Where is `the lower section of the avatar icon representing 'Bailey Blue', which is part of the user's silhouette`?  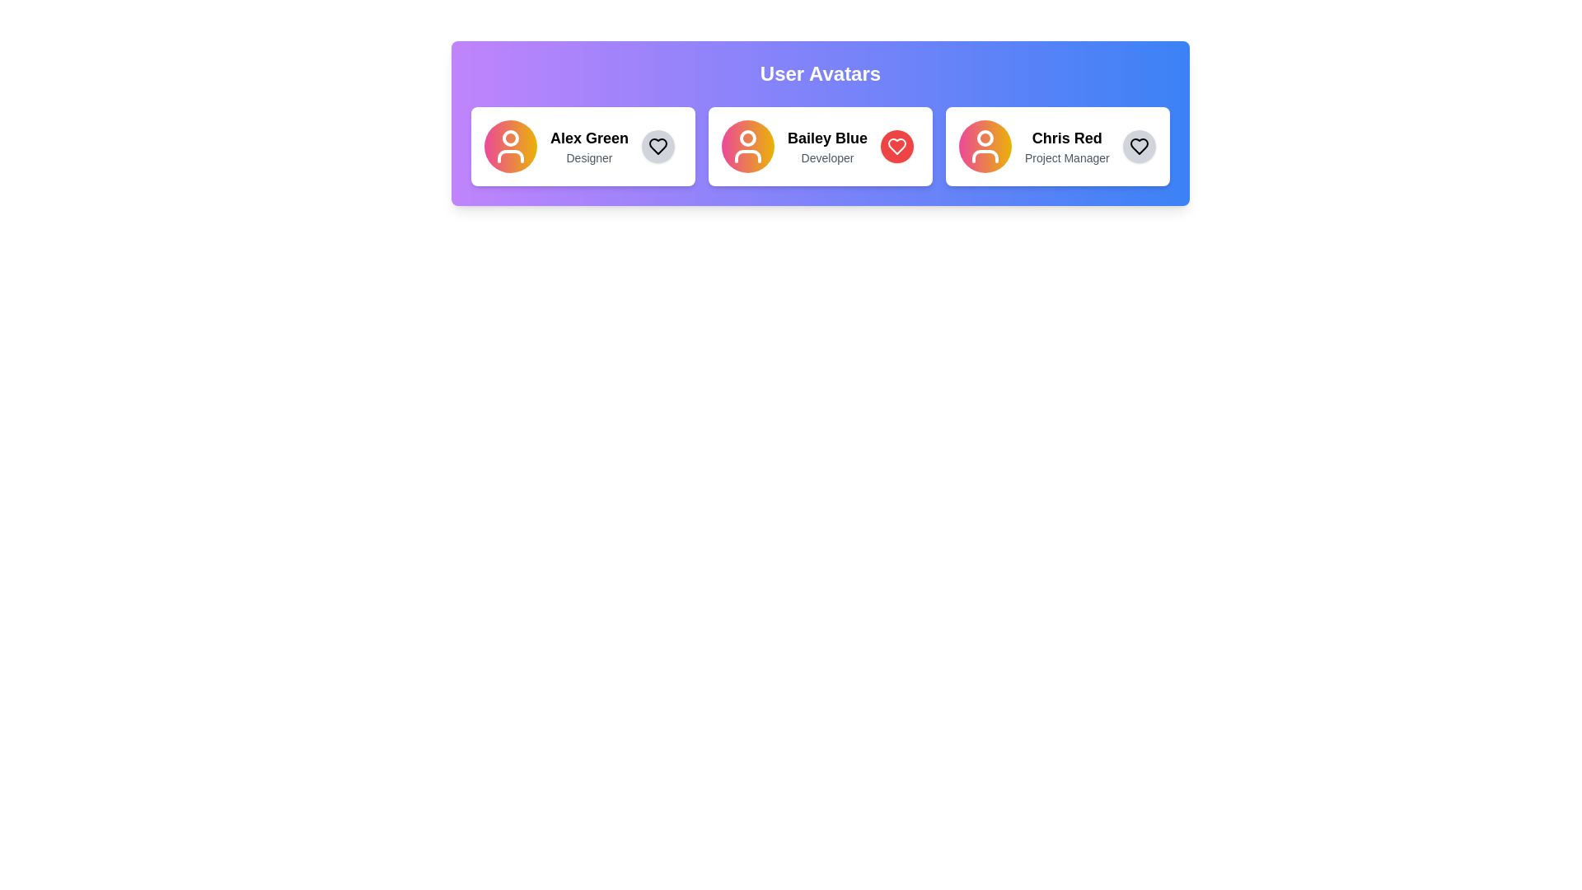
the lower section of the avatar icon representing 'Bailey Blue', which is part of the user's silhouette is located at coordinates (747, 156).